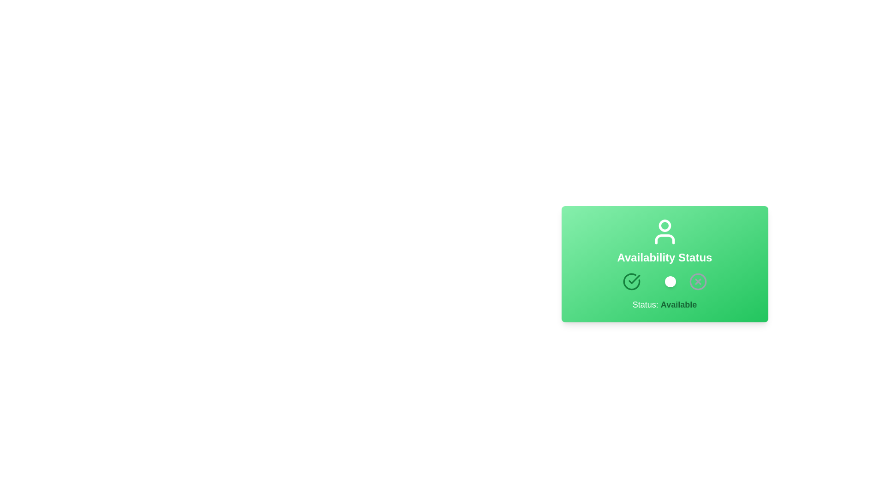 This screenshot has width=886, height=498. Describe the element at coordinates (698, 281) in the screenshot. I see `the gray circle icon with a cross in its center, which is the last item in a group of three icons on the right side of a green card labeled 'Availability Status'` at that location.